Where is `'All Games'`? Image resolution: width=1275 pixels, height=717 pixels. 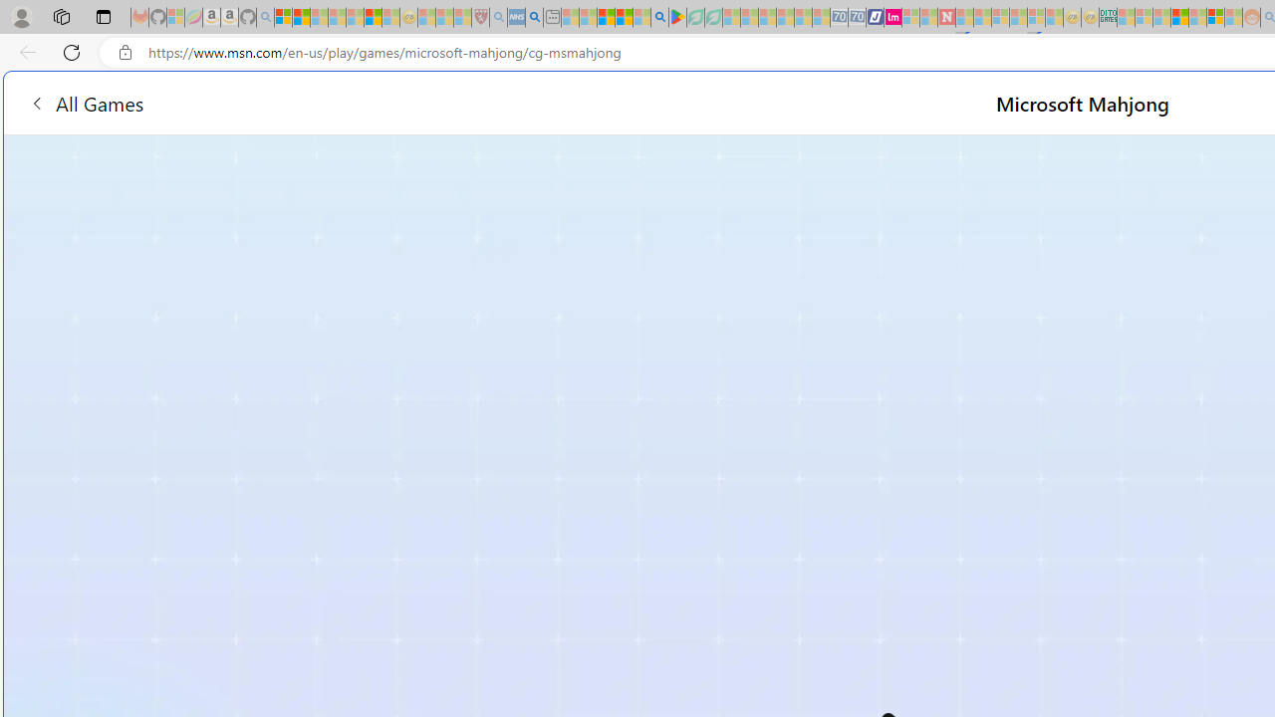
'All Games' is located at coordinates (85, 103).